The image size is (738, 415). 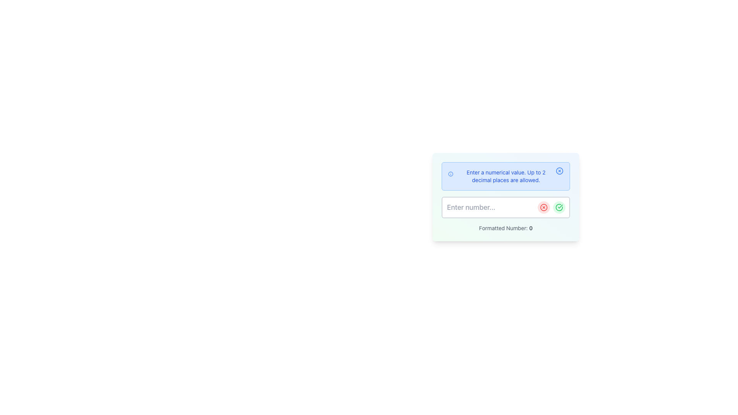 I want to click on the circular green confirmation button with a checkmark at the top-right corner of the user input box to confirm, so click(x=559, y=207).